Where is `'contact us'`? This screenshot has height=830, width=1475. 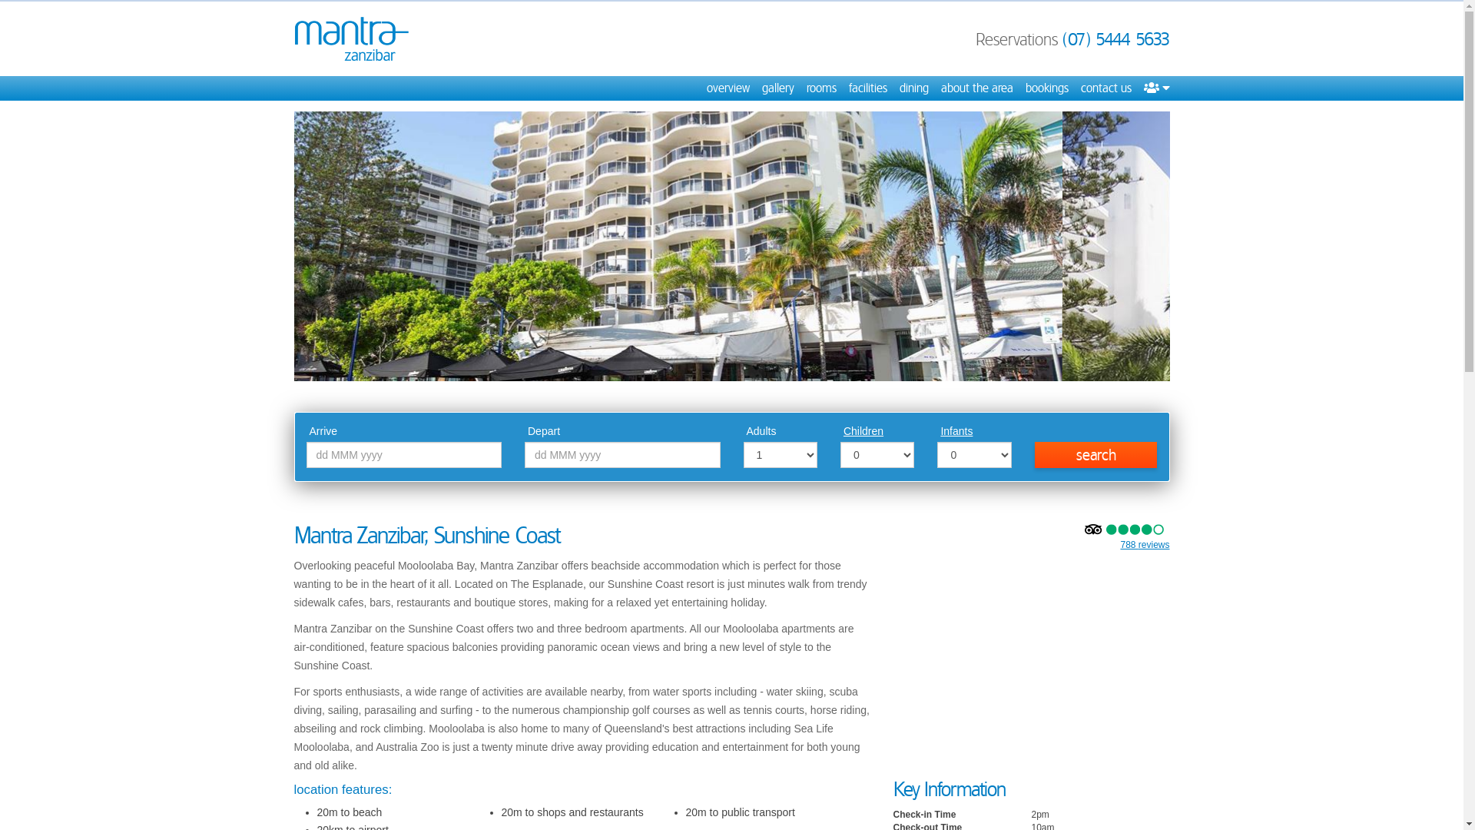
'contact us' is located at coordinates (1079, 88).